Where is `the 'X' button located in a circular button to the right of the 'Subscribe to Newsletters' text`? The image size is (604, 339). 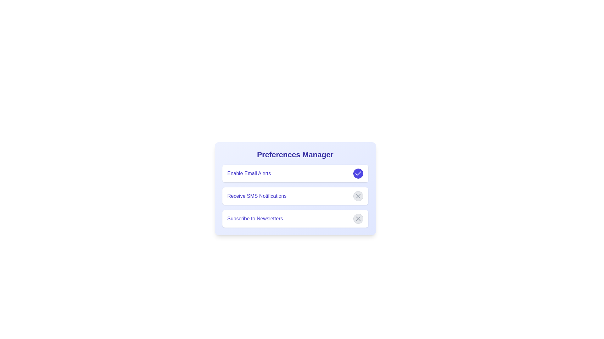 the 'X' button located in a circular button to the right of the 'Subscribe to Newsletters' text is located at coordinates (358, 218).